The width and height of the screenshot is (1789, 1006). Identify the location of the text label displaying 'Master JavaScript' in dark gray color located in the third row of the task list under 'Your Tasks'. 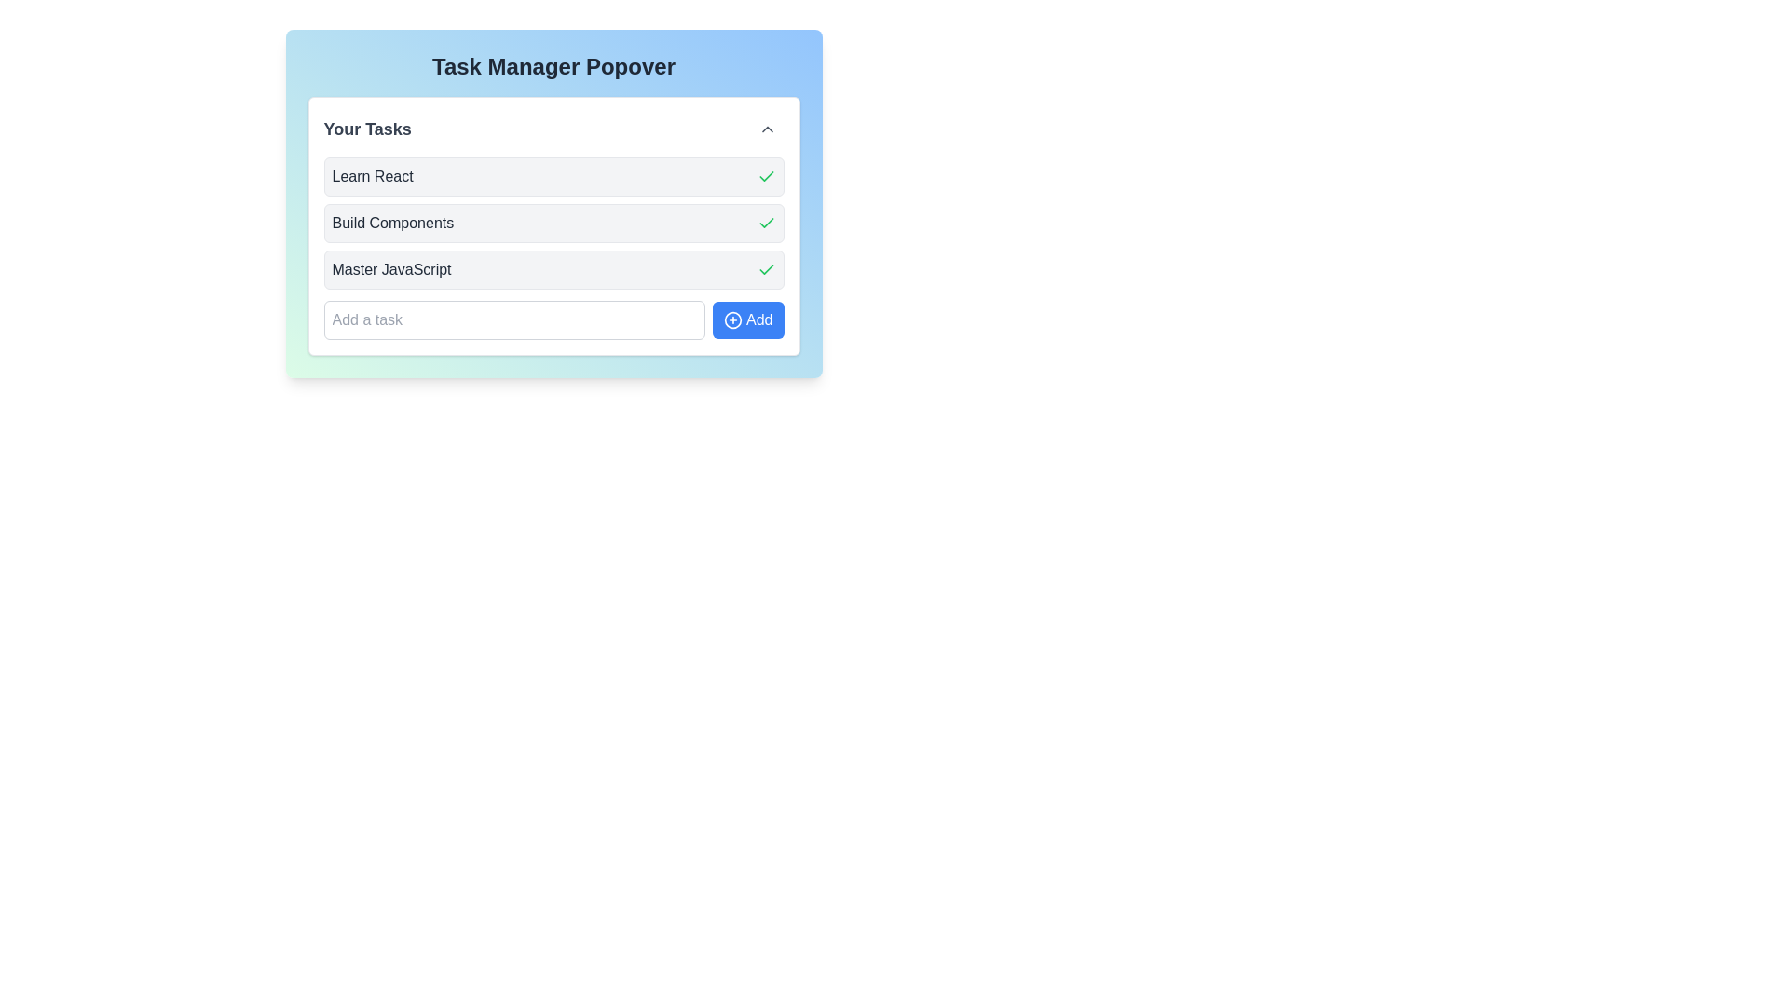
(390, 269).